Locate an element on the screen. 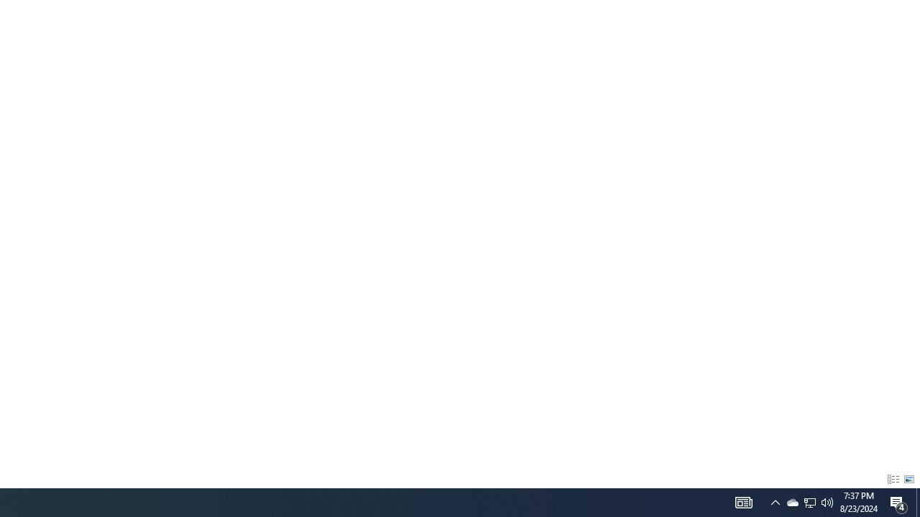  'Large Icons' is located at coordinates (908, 480).